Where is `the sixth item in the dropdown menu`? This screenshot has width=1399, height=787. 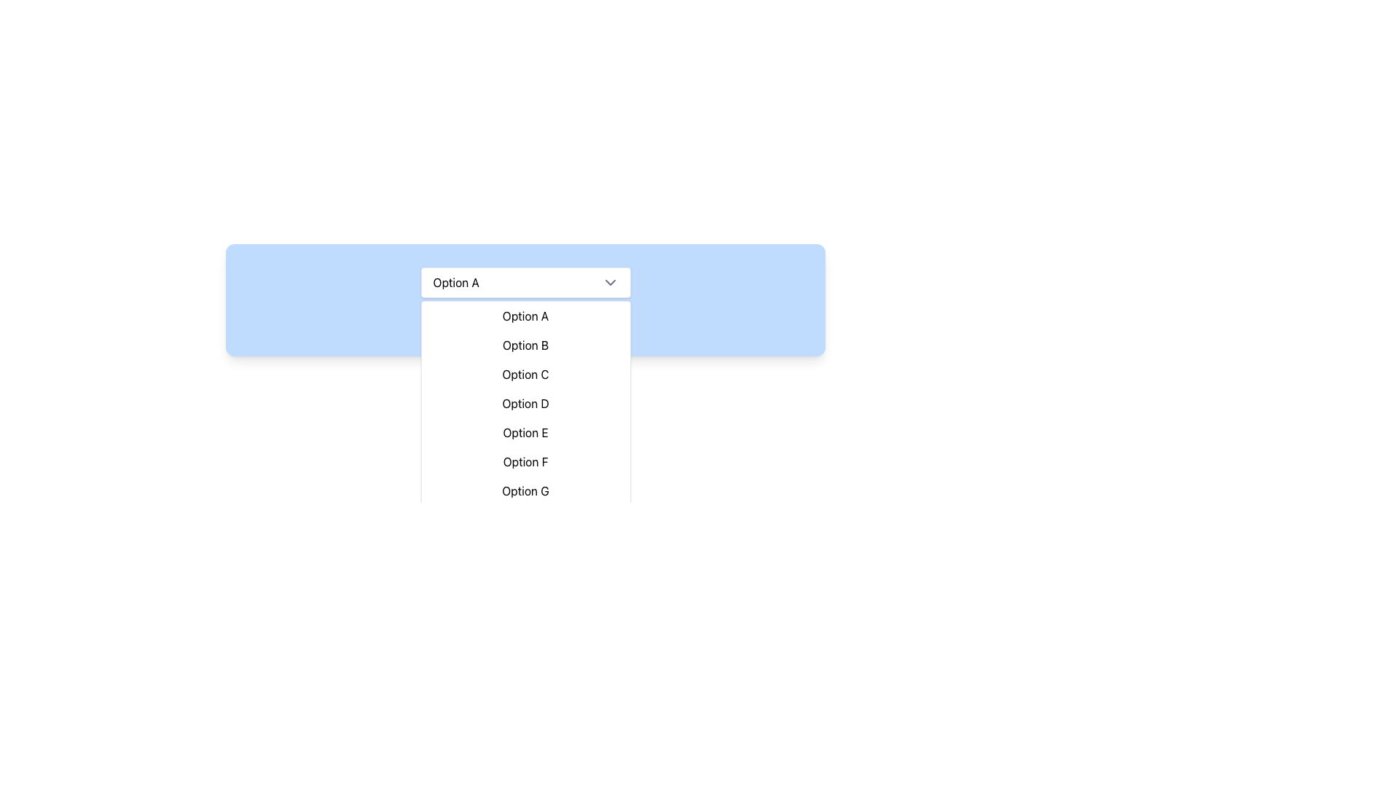 the sixth item in the dropdown menu is located at coordinates (525, 461).